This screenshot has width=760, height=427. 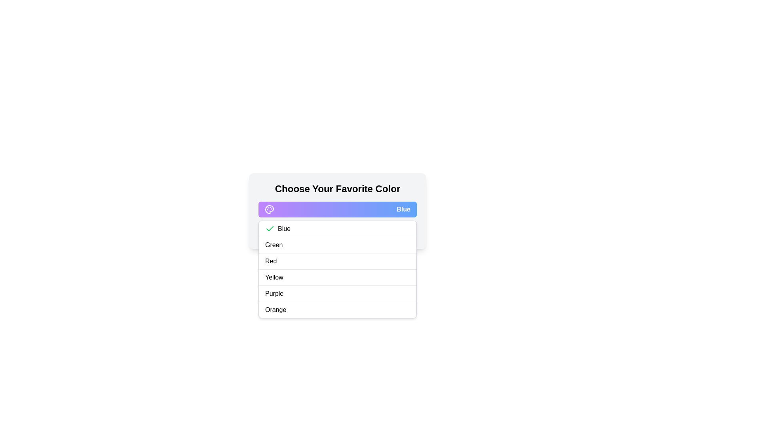 I want to click on the button with a gradient background transitioning from purple to blue, containing the text 'Blue' aligned to the right, located below 'Choose Your Favorite Color', so click(x=338, y=209).